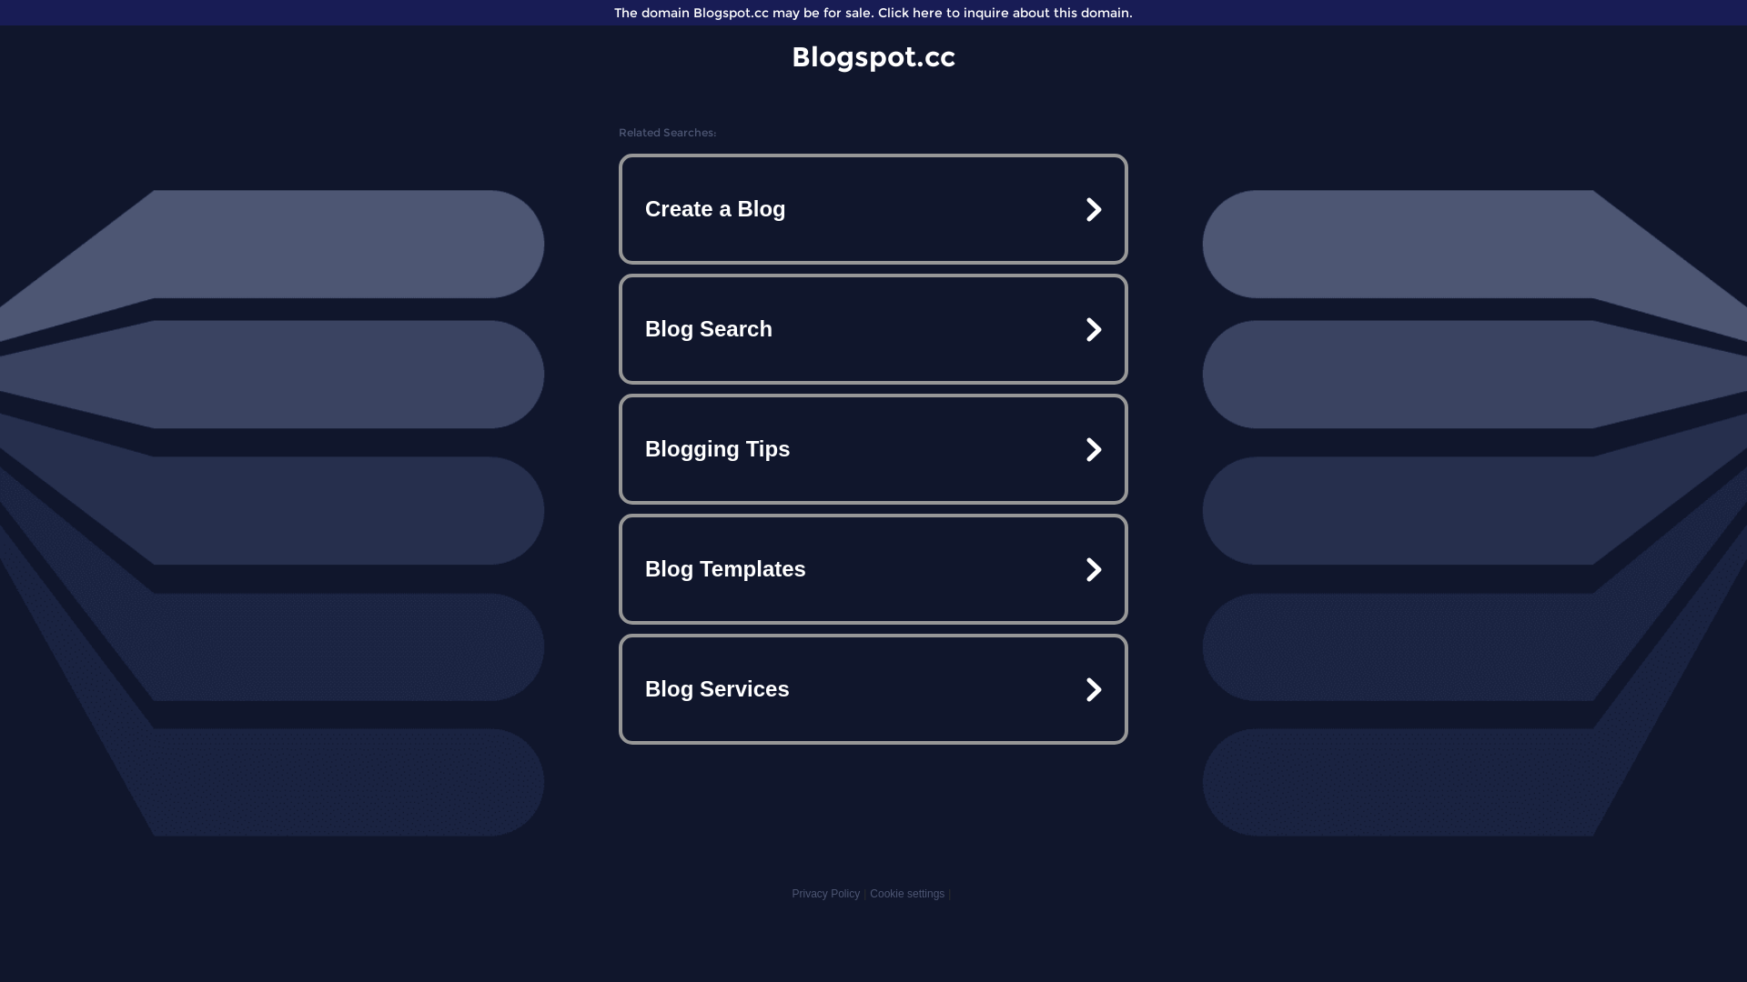  What do you see at coordinates (873, 567) in the screenshot?
I see `'Blog Templates'` at bounding box center [873, 567].